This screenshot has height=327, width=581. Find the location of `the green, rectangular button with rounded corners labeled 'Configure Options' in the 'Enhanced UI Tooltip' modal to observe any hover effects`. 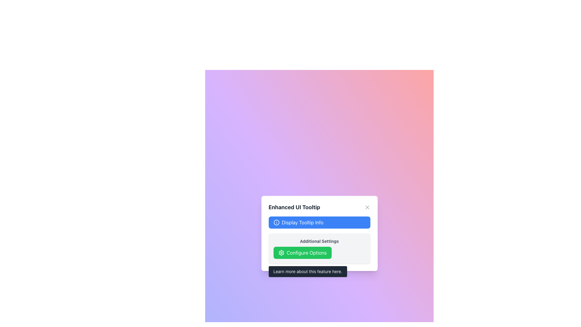

the green, rectangular button with rounded corners labeled 'Configure Options' in the 'Enhanced UI Tooltip' modal to observe any hover effects is located at coordinates (302, 253).